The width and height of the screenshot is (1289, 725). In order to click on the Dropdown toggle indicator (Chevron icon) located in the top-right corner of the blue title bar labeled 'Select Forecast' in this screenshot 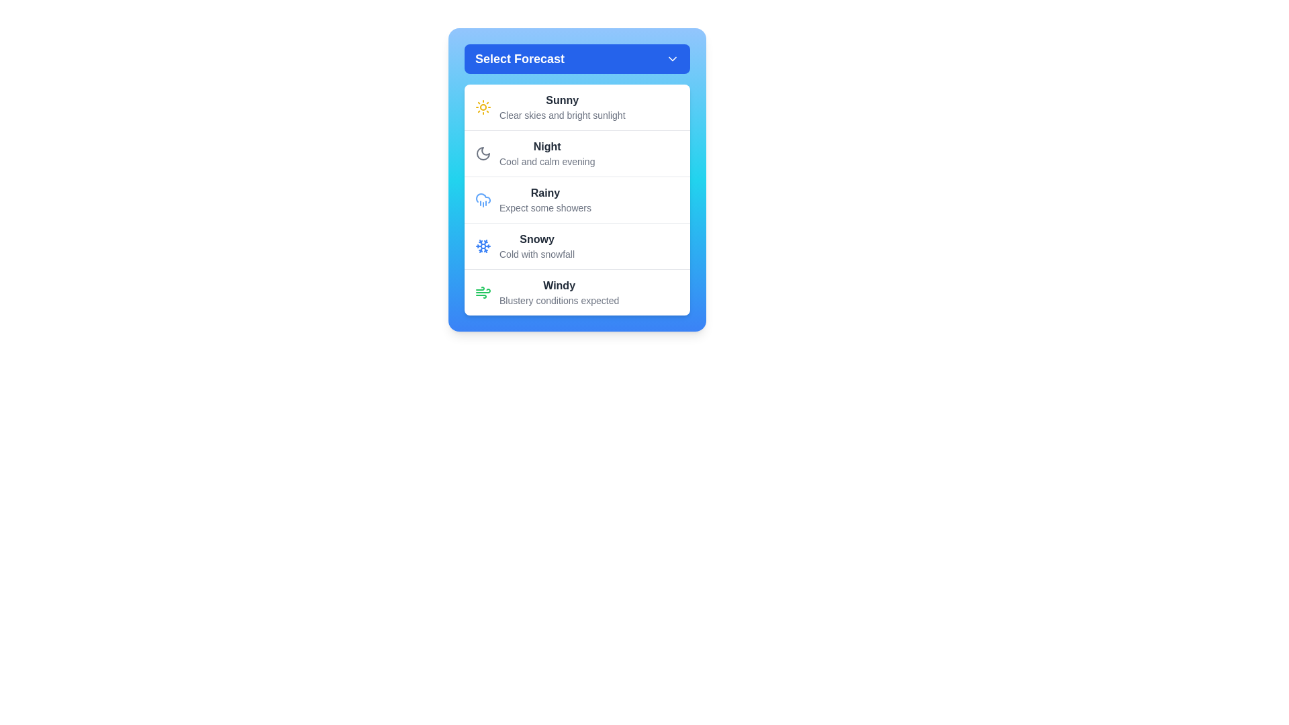, I will do `click(673, 58)`.